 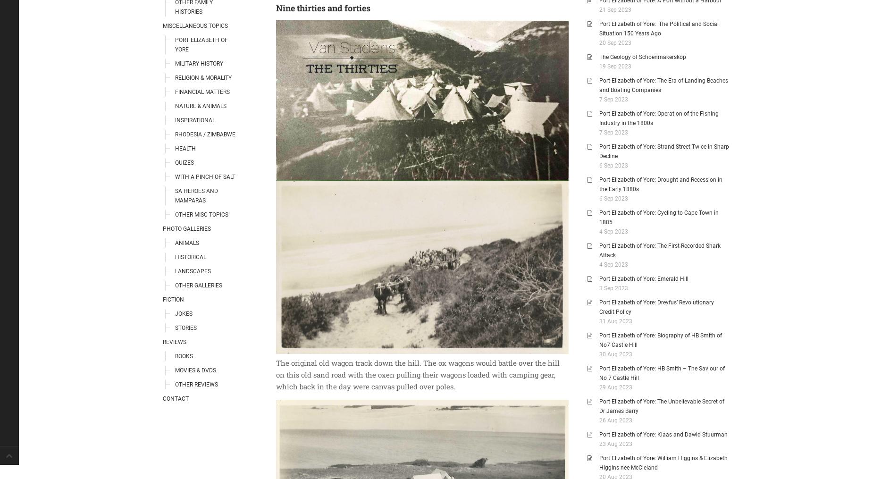 I want to click on '30 Aug 2023', so click(x=599, y=353).